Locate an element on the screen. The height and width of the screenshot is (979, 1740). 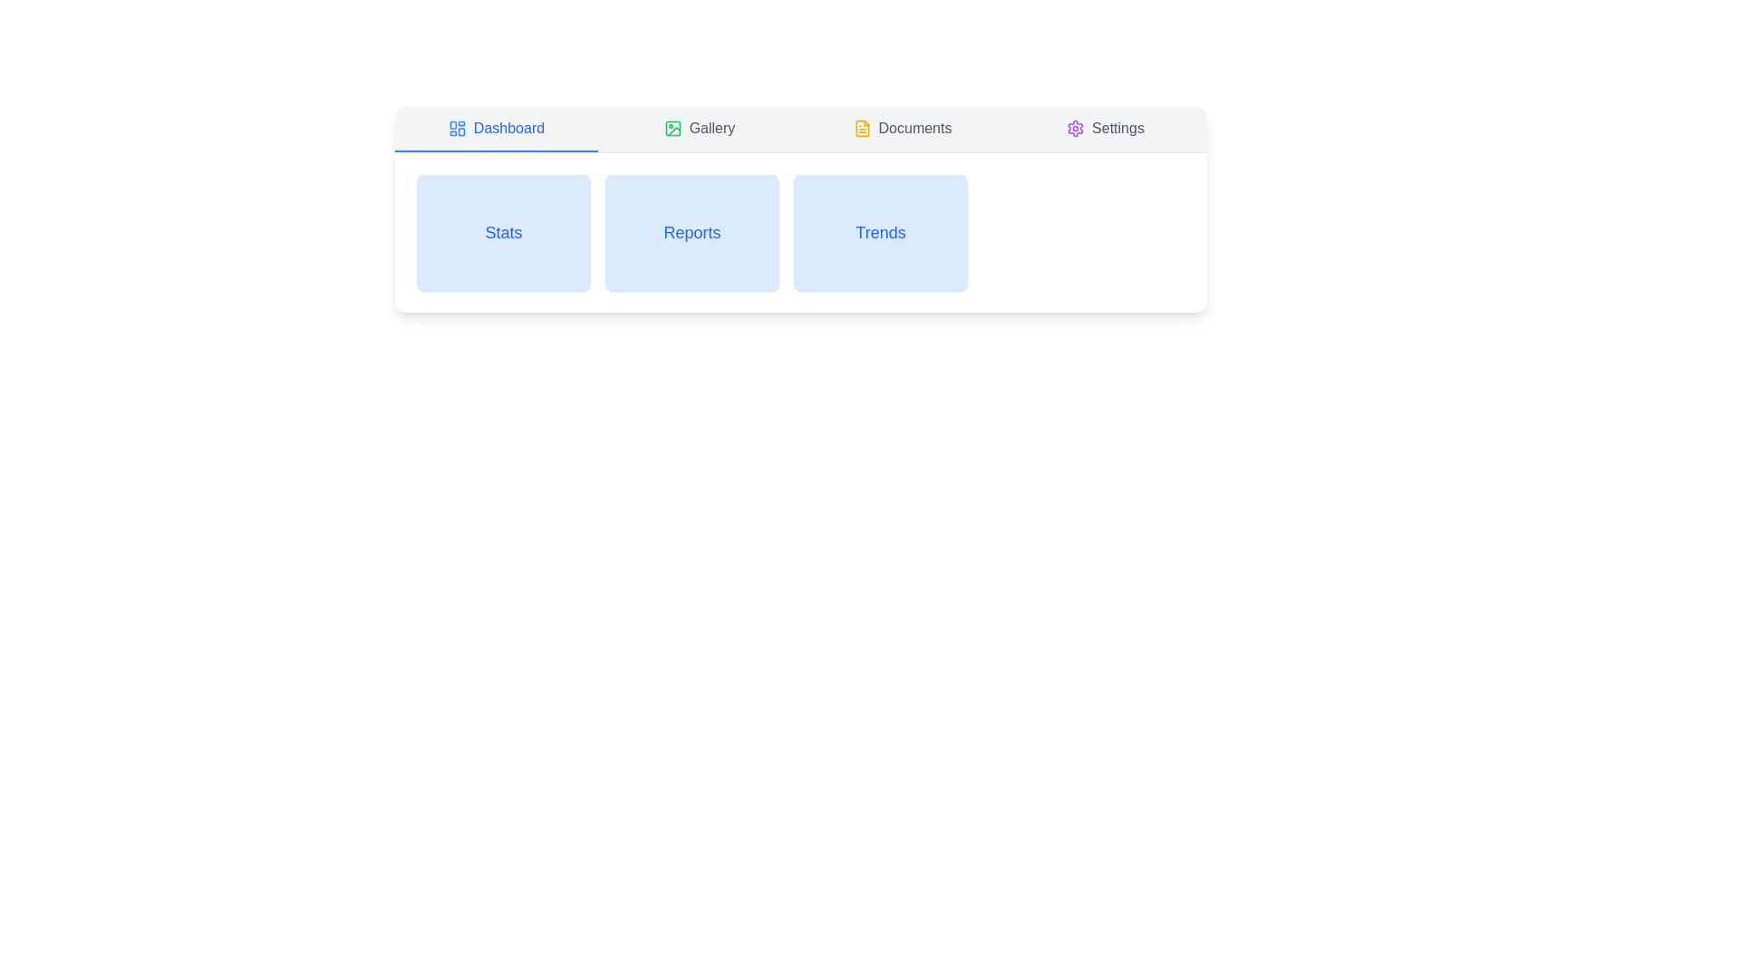
the yellow document icon located in the navigation bar, which is the largest component of the 'Documents' icon is located at coordinates (861, 128).